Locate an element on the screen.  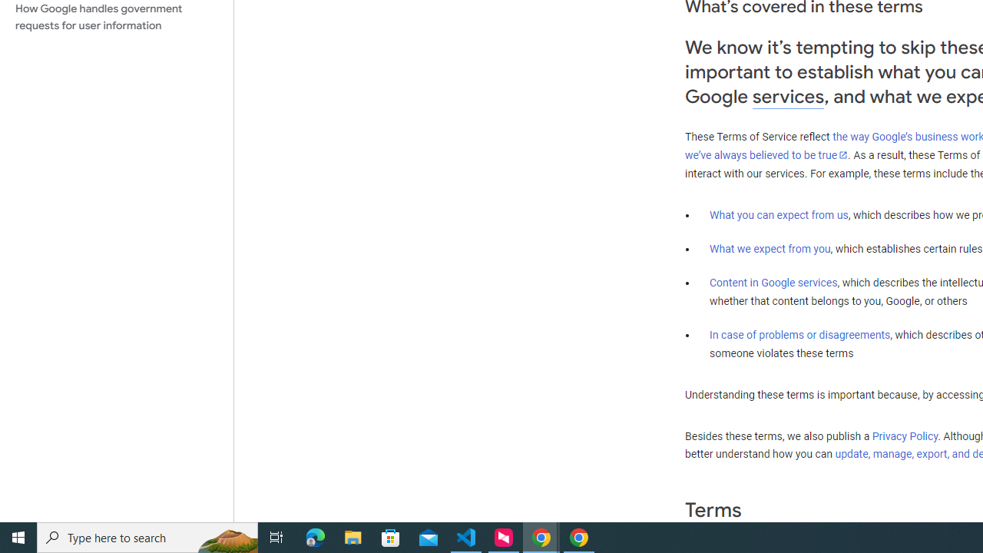
'Content in Google services' is located at coordinates (773, 283).